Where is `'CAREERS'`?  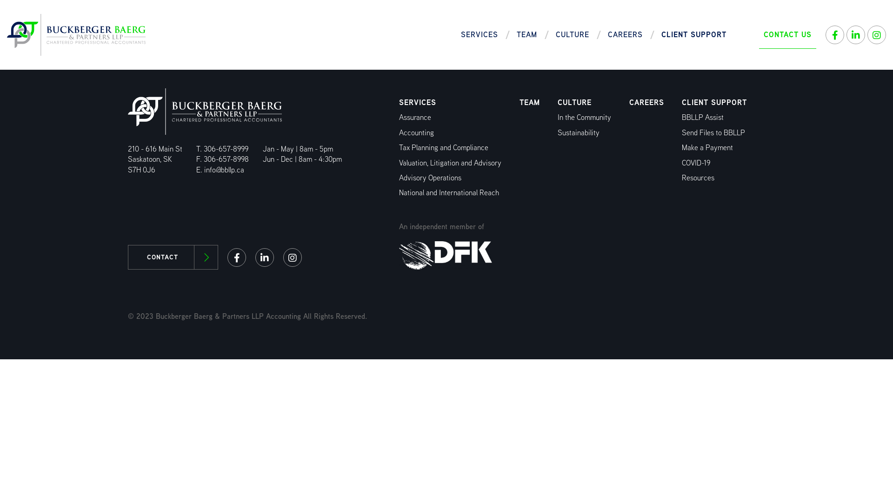
'CAREERS' is located at coordinates (646, 102).